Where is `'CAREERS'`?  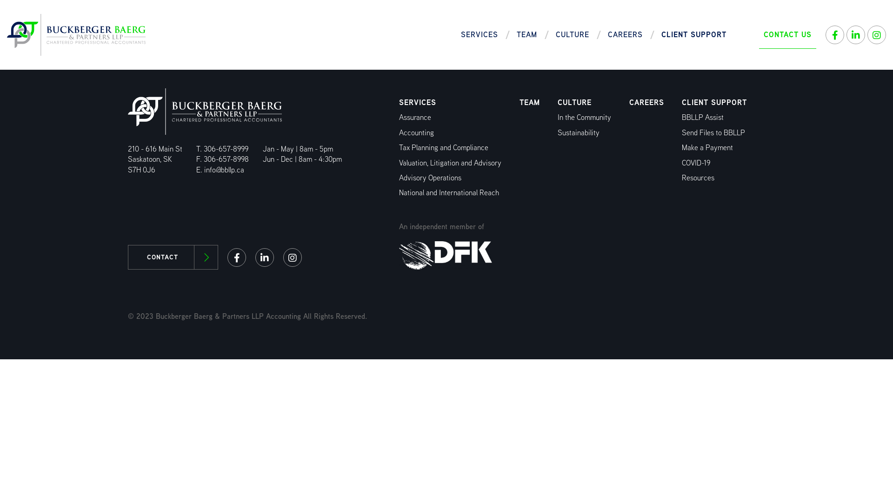
'CAREERS' is located at coordinates (646, 102).